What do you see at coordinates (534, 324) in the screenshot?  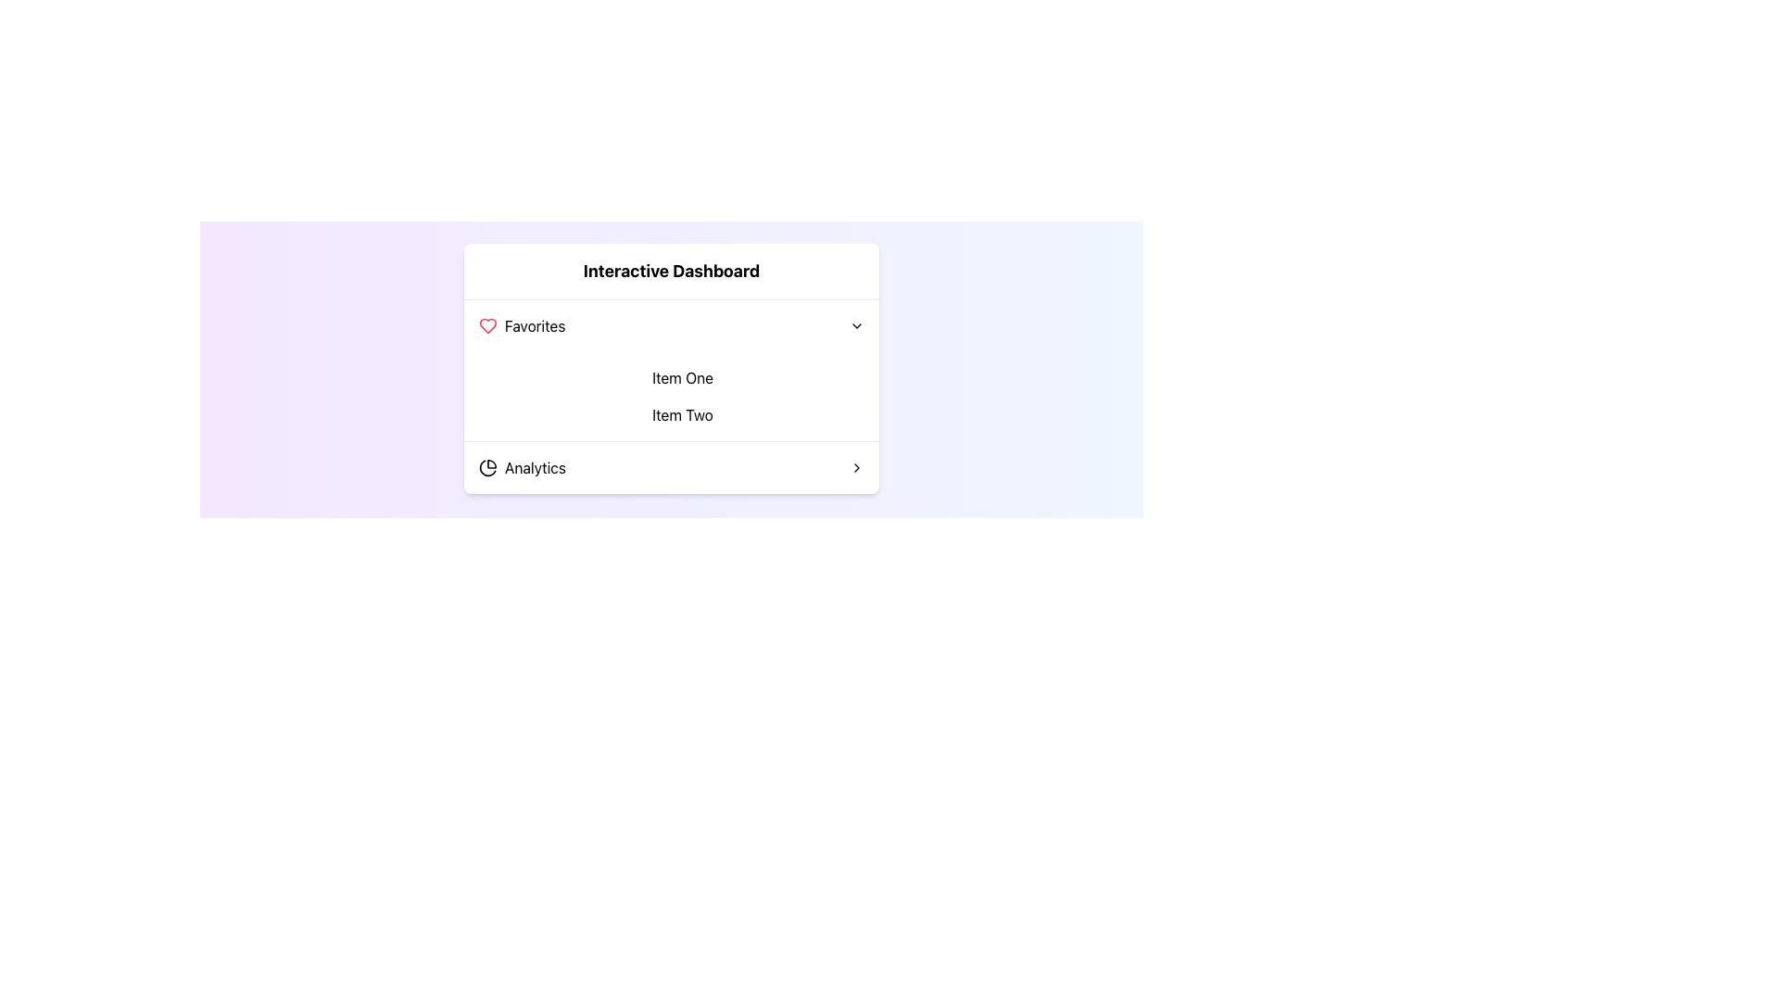 I see `the 'Favorites' text label, which indicates a category for frequently accessed items, located to the right of the heart icon in the Interactive Dashboard section` at bounding box center [534, 324].